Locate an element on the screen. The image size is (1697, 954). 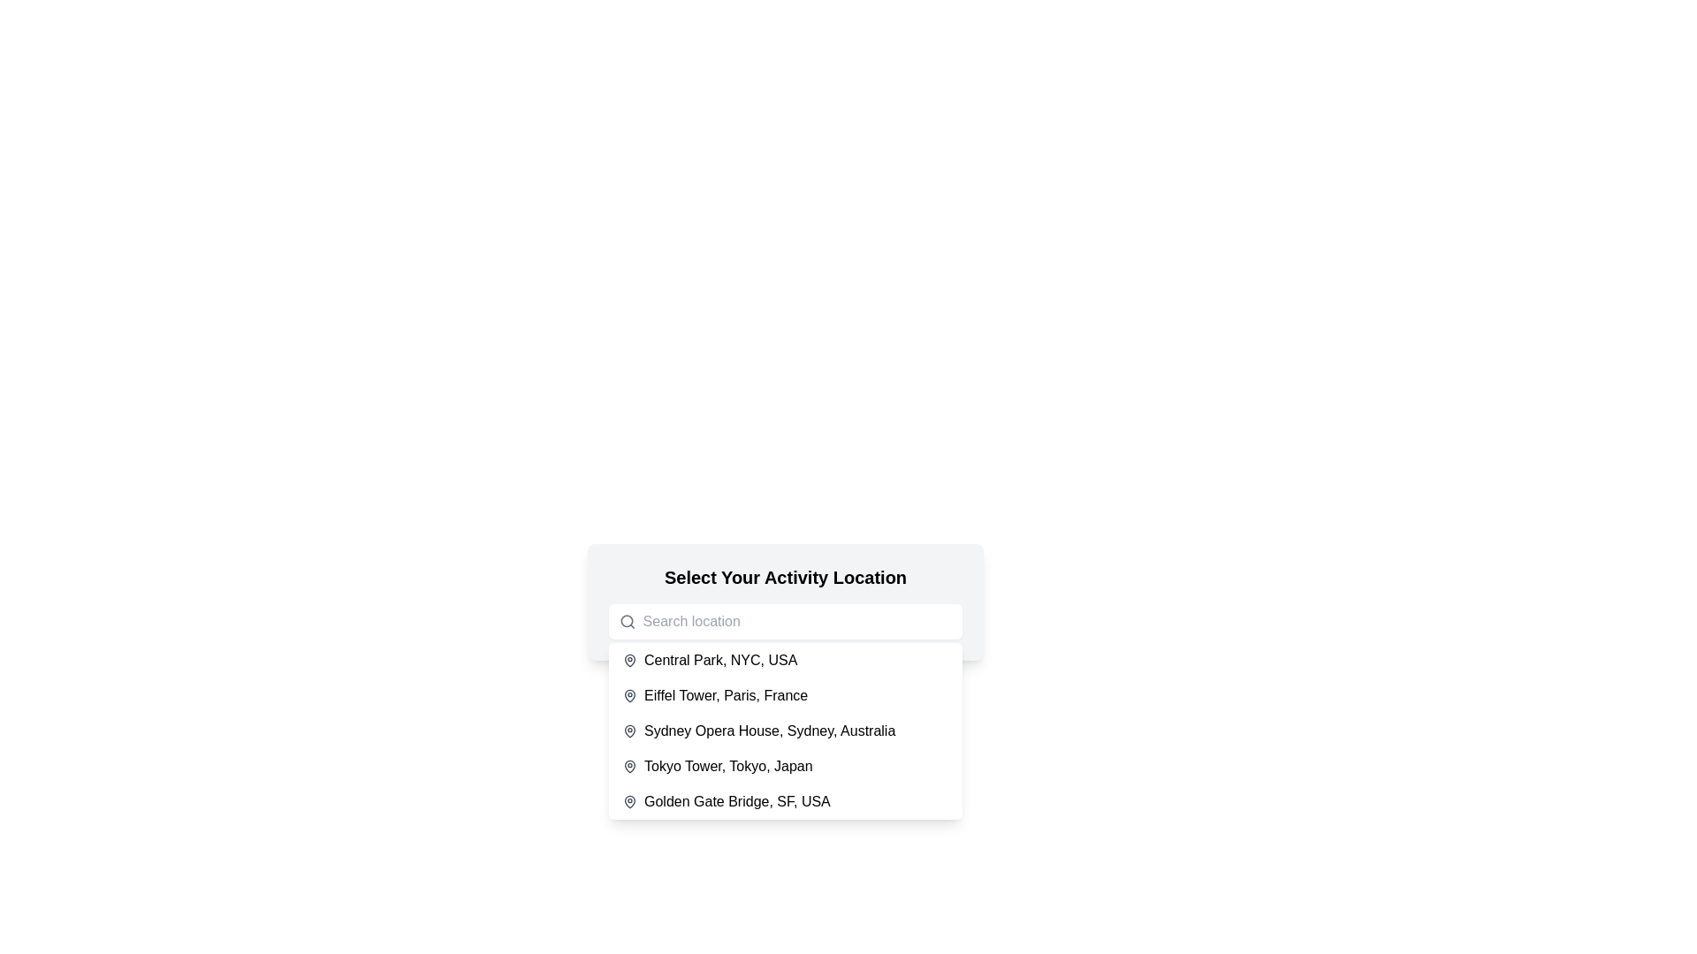
the map pin icon located to the left of the text 'Sydney Opera House, Sydney, Australia' within the geographical options menu list is located at coordinates (630, 731).